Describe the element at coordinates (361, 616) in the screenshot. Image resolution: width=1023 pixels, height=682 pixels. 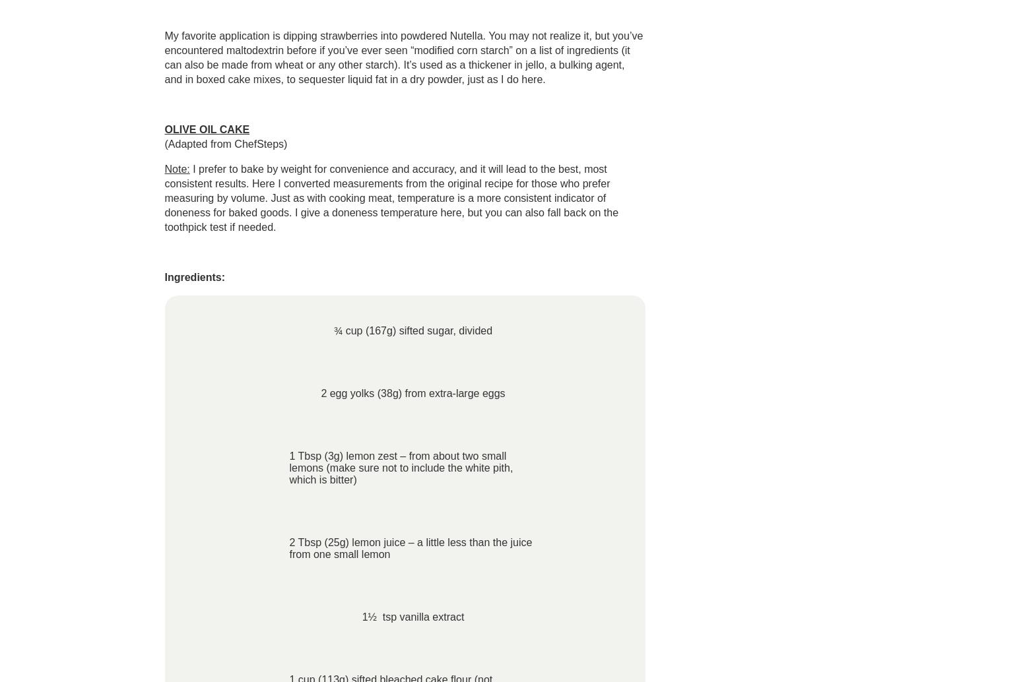
I see `'1½  tsp vanilla extract'` at that location.